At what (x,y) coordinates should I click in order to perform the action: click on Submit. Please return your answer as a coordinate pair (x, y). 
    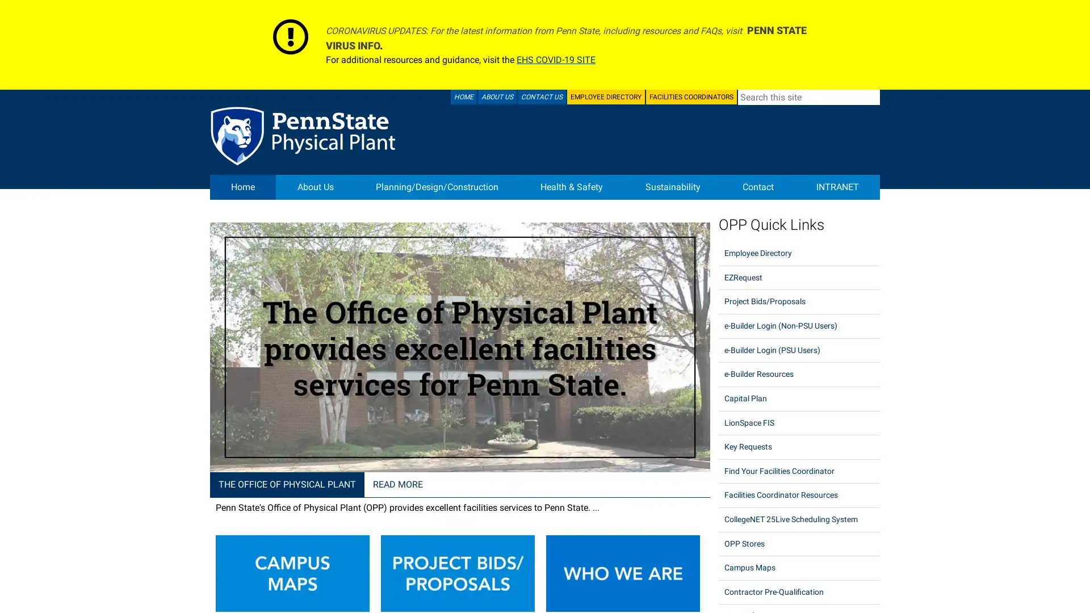
    Looking at the image, I should click on (871, 96).